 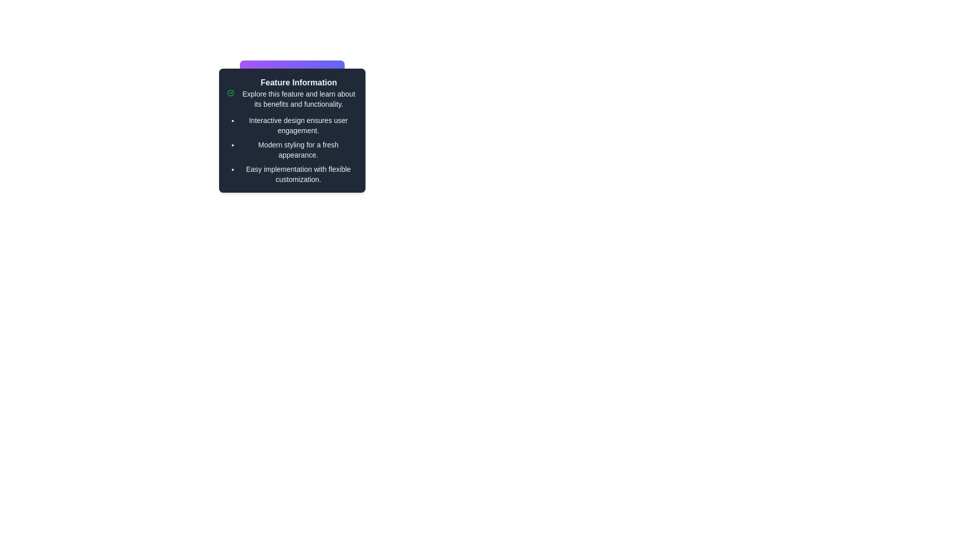 I want to click on text content of the stylized header or title that serves as a context anchor for the associated feature description, so click(x=292, y=74).